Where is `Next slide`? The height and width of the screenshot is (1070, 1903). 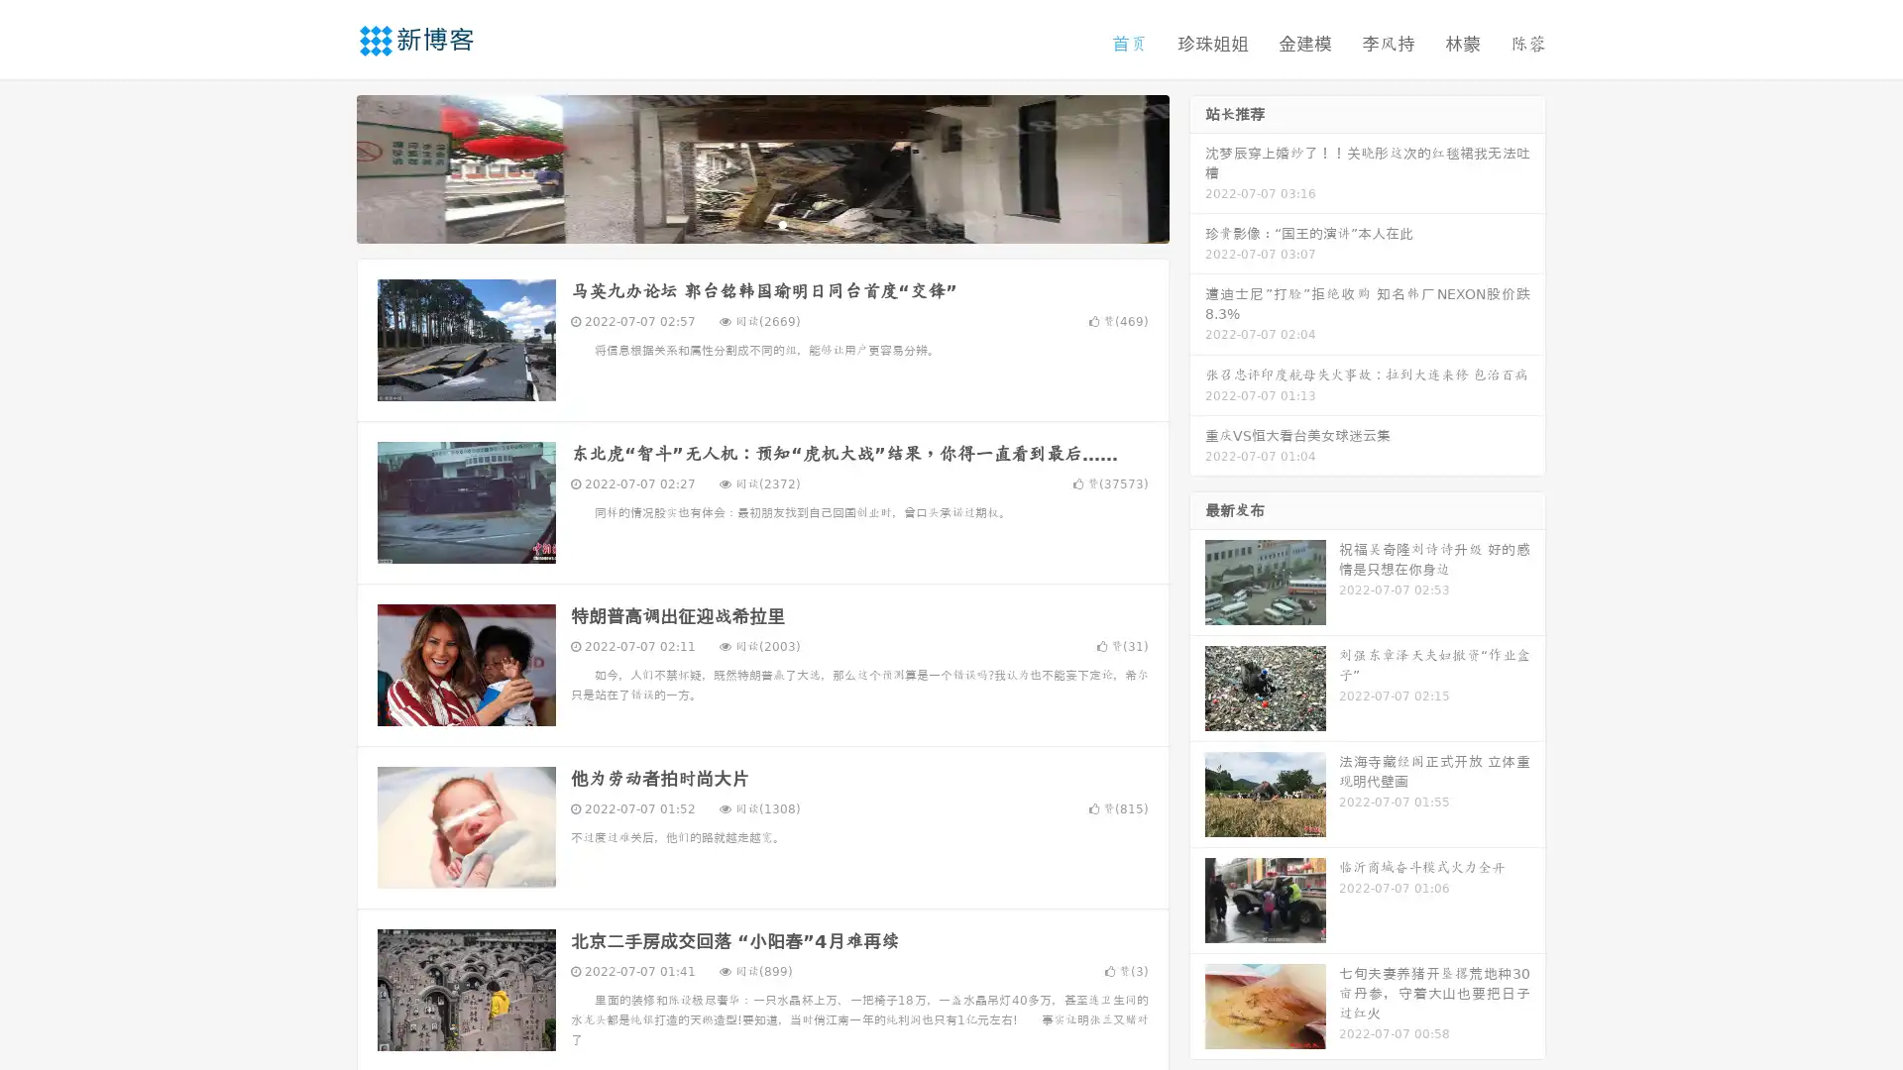
Next slide is located at coordinates (1197, 166).